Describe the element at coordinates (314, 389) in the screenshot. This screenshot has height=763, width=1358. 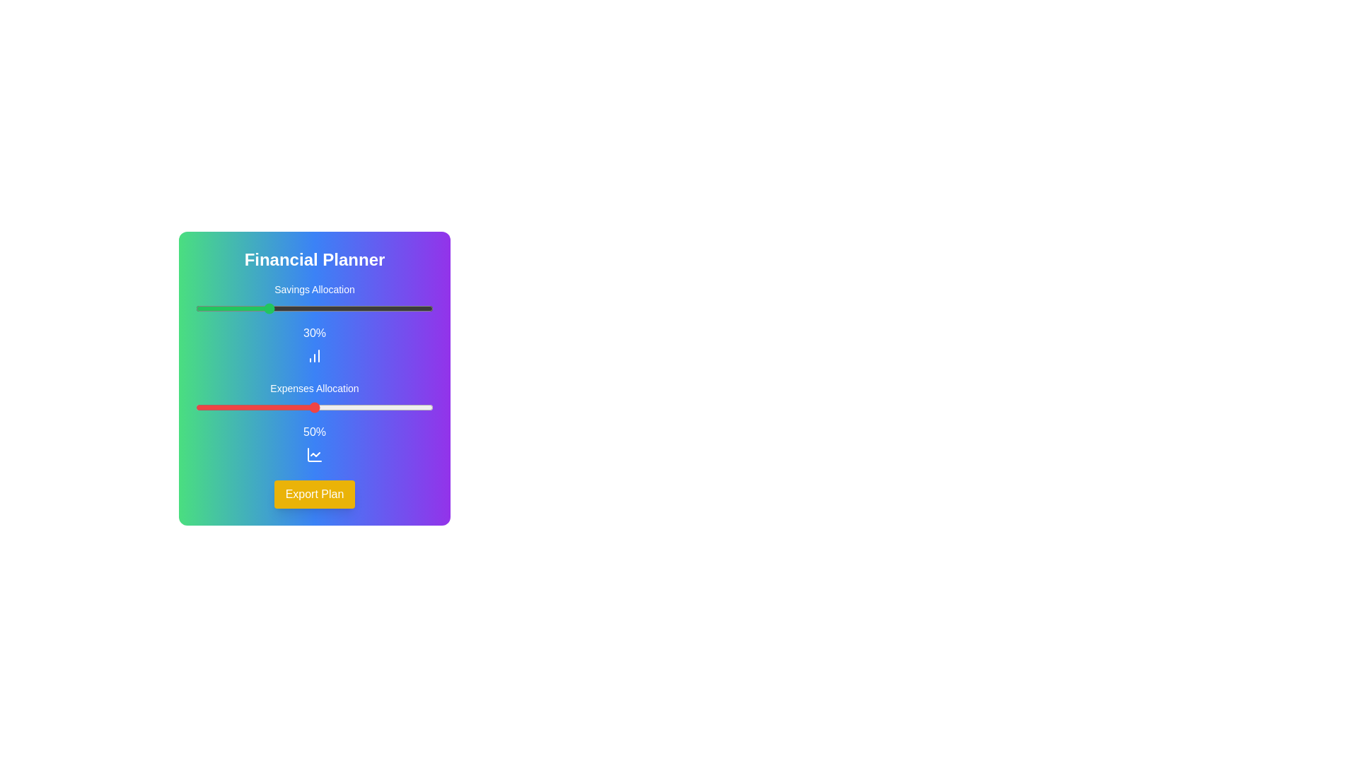
I see `the text label that serves as a title for the slider control, positioned centrally above the horizontal slider labeled '50%'` at that location.